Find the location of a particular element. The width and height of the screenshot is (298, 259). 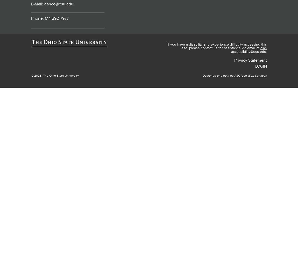

'If you have a disability and experience difficulty accessing this site, please contact us for assistance via email at' is located at coordinates (217, 46).